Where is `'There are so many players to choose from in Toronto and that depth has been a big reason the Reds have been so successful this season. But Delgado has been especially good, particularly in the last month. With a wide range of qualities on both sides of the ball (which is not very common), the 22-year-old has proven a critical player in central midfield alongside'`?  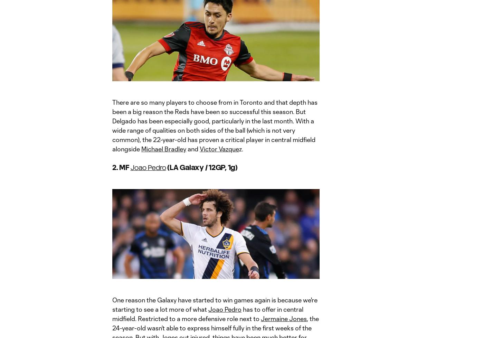 'There are so many players to choose from in Toronto and that depth has been a big reason the Reds have been so successful this season. But Delgado has been especially good, particularly in the last month. With a wide range of qualities on both sides of the ball (which is not very common), the 22-year-old has proven a critical player in central midfield alongside' is located at coordinates (215, 125).